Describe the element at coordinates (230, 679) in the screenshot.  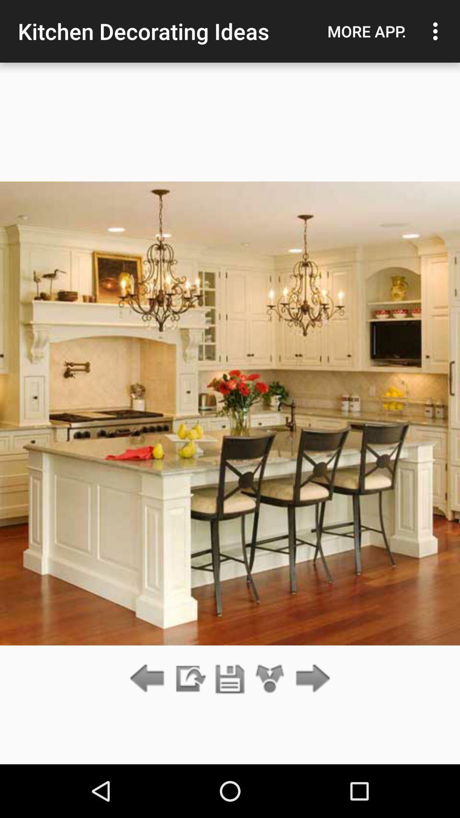
I see `the save icon` at that location.